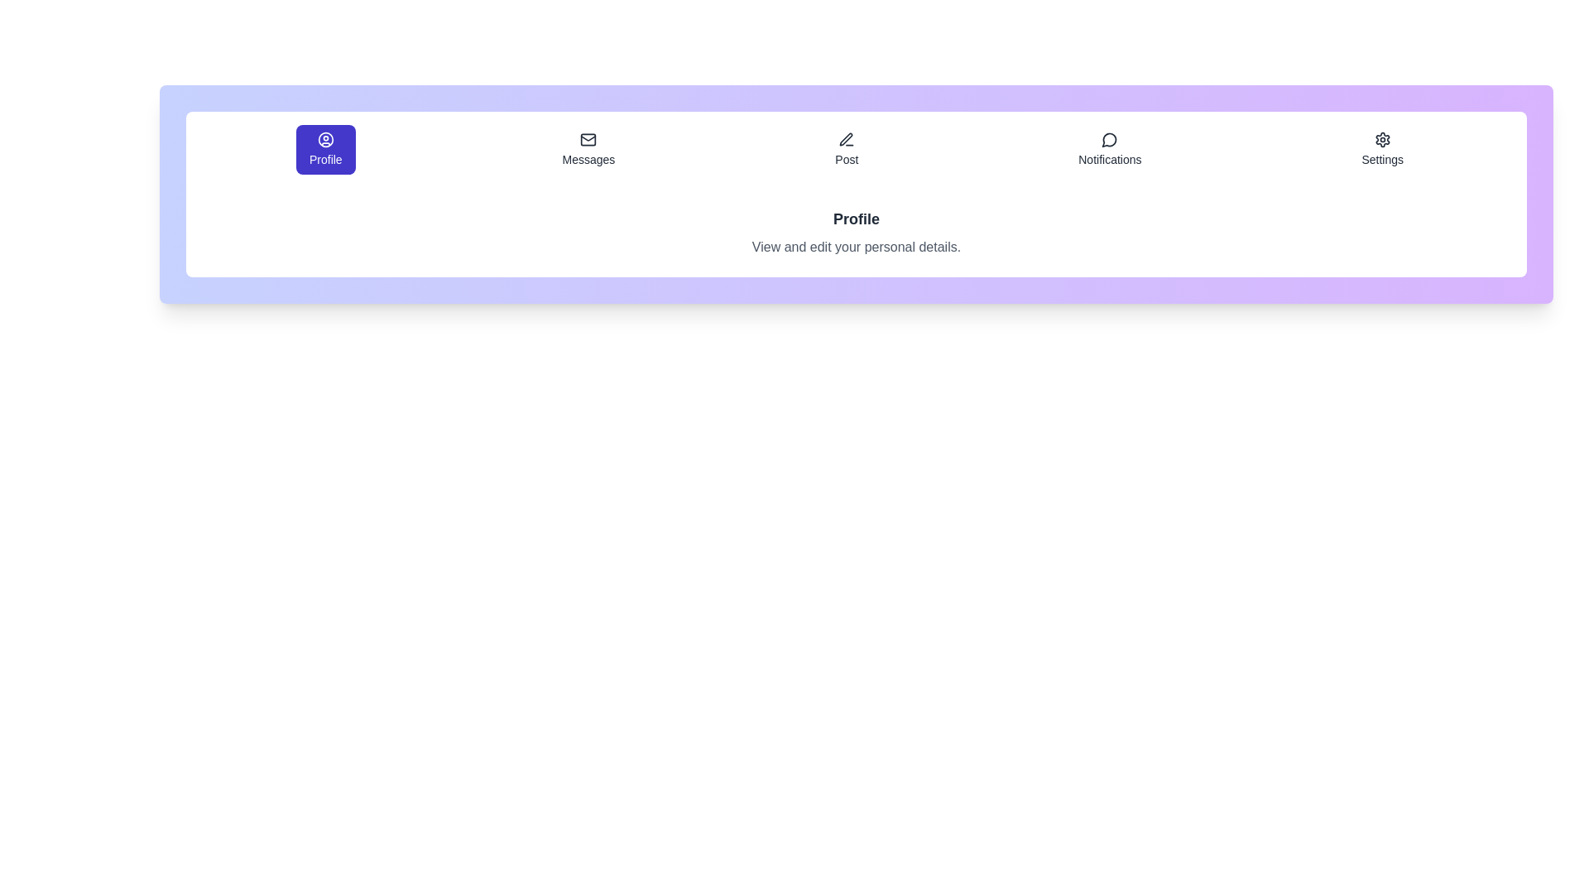 This screenshot has height=894, width=1589. I want to click on the tab labeled Messages to preview its interaction effect, so click(588, 150).